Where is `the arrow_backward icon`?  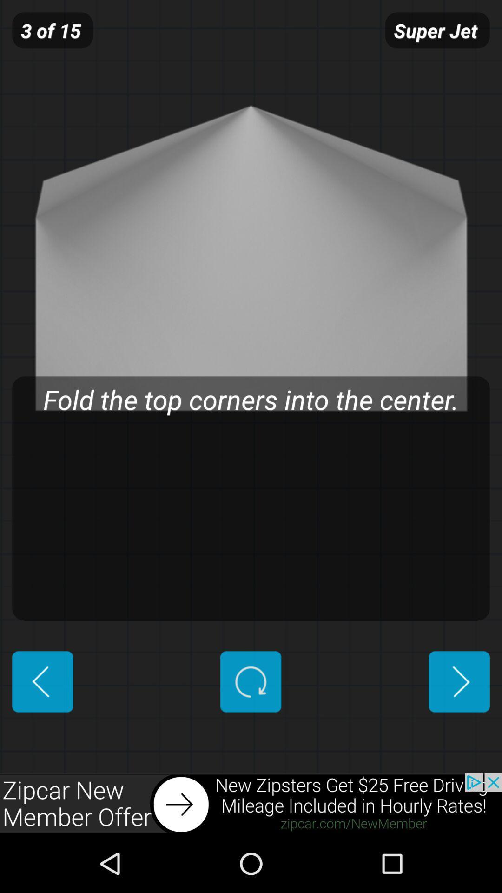 the arrow_backward icon is located at coordinates (42, 729).